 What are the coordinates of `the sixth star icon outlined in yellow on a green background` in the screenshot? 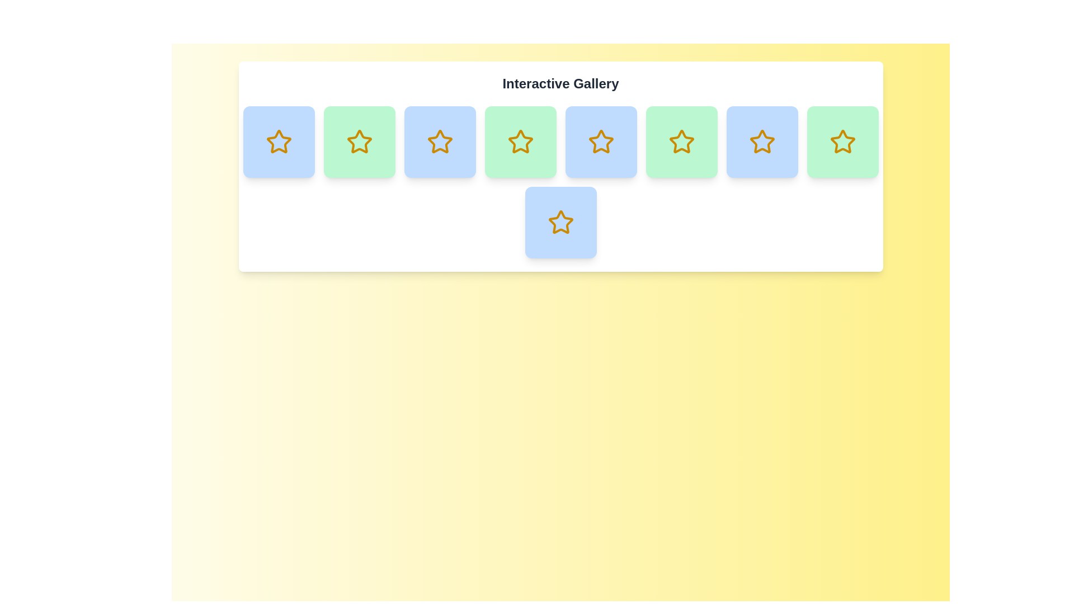 It's located at (681, 141).